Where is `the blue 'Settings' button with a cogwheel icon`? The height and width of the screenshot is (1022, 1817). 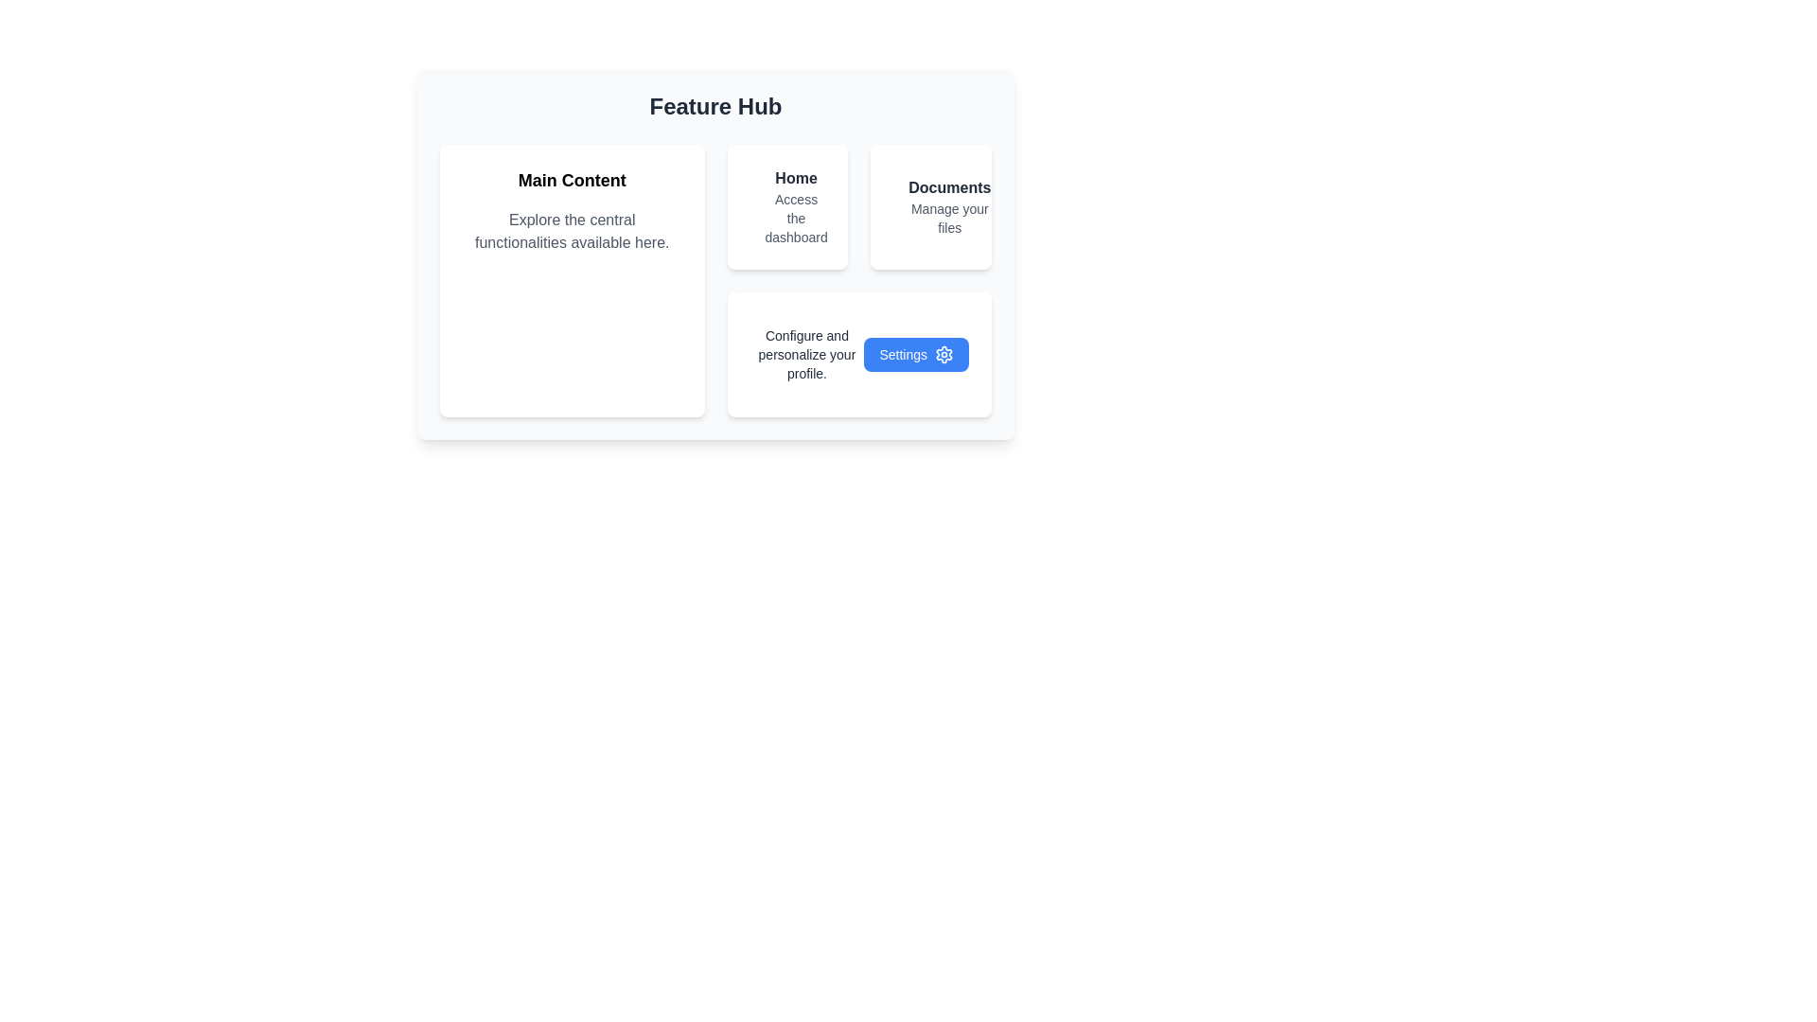
the blue 'Settings' button with a cogwheel icon is located at coordinates (916, 354).